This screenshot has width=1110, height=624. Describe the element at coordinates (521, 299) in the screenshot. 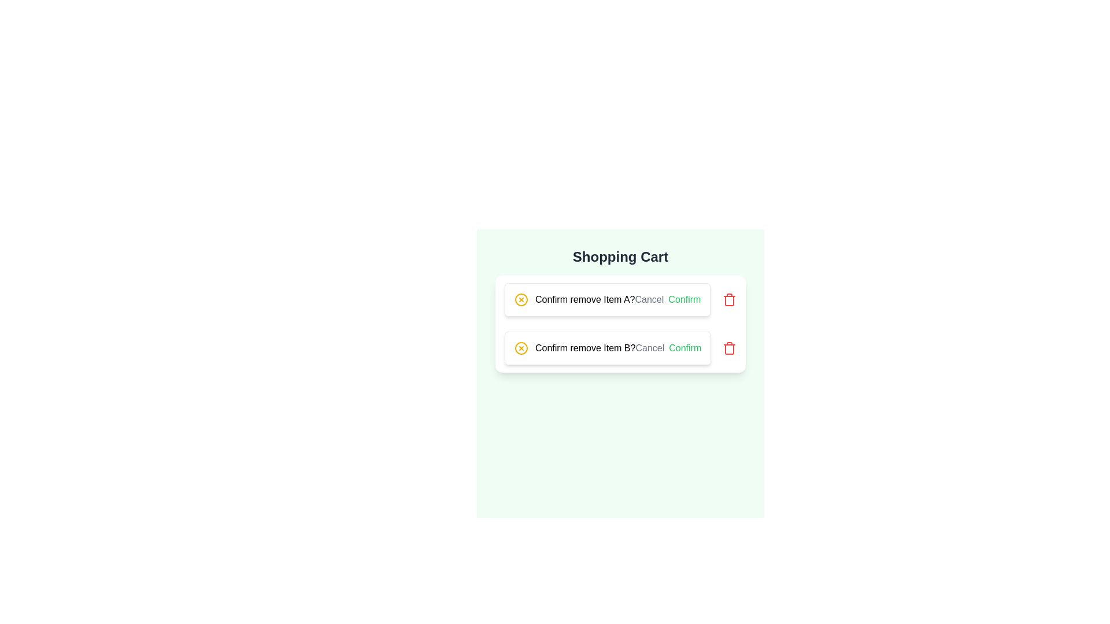

I see `the warning icon positioned` at that location.